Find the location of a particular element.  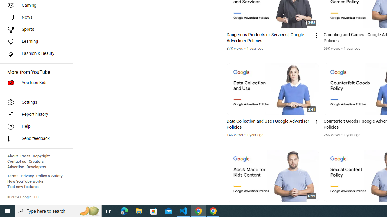

'Settings' is located at coordinates (34, 102).